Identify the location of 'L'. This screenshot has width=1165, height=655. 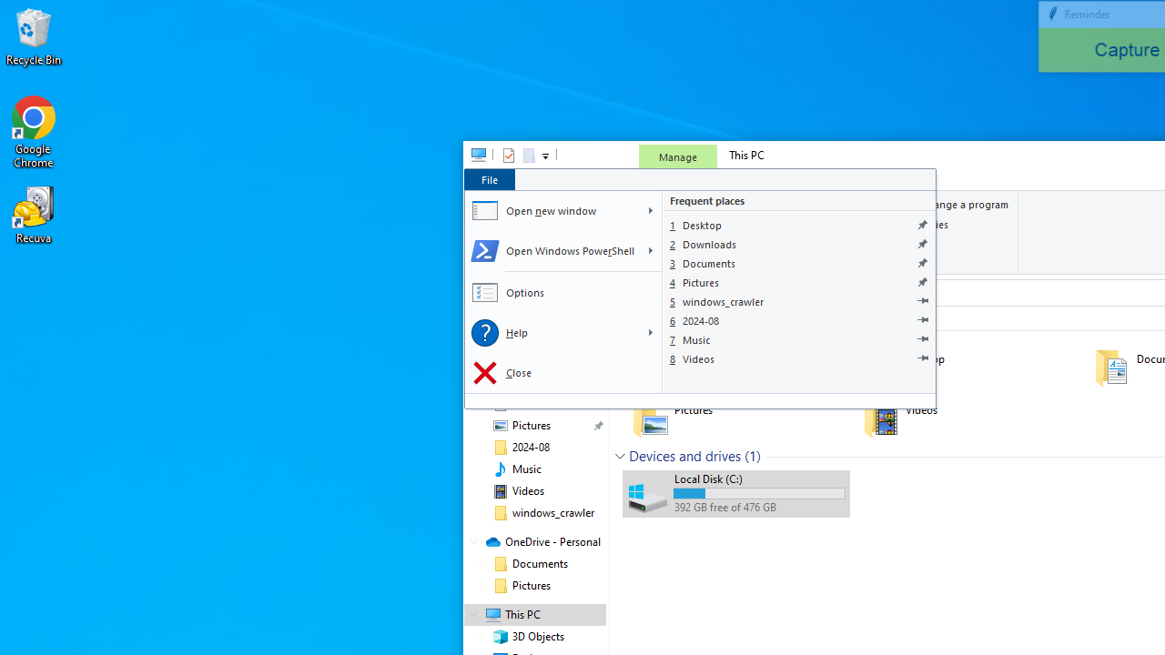
(650, 333).